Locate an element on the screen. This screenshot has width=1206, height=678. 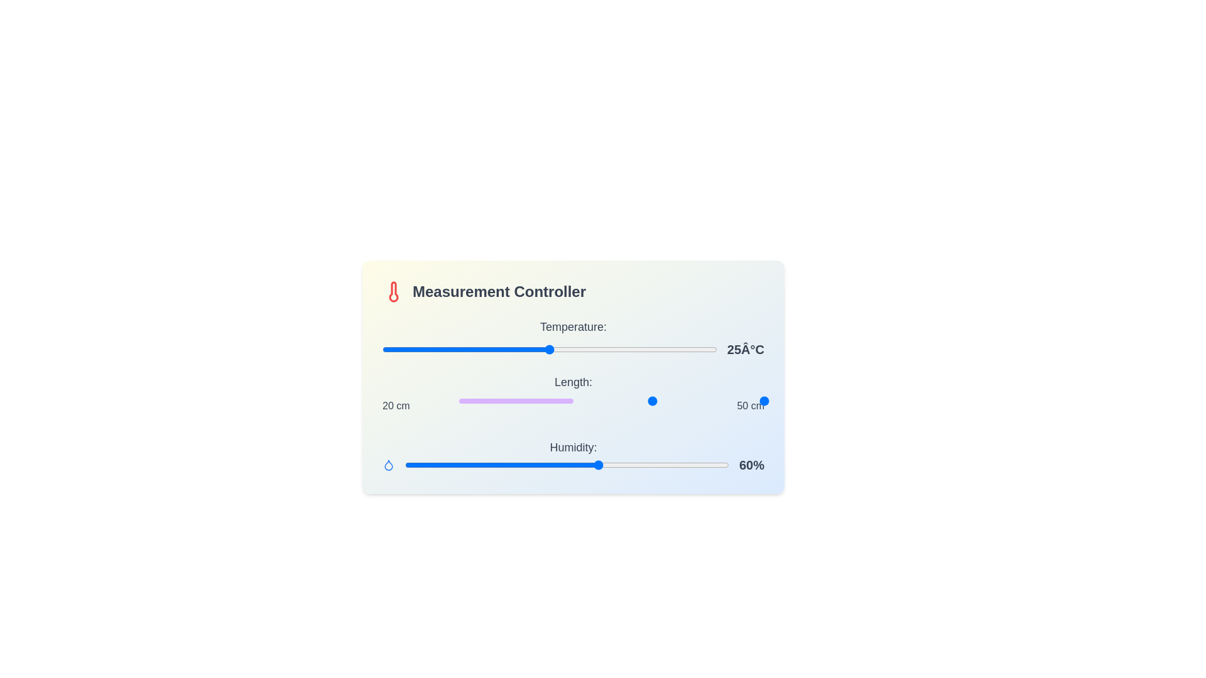
the length is located at coordinates (757, 401).